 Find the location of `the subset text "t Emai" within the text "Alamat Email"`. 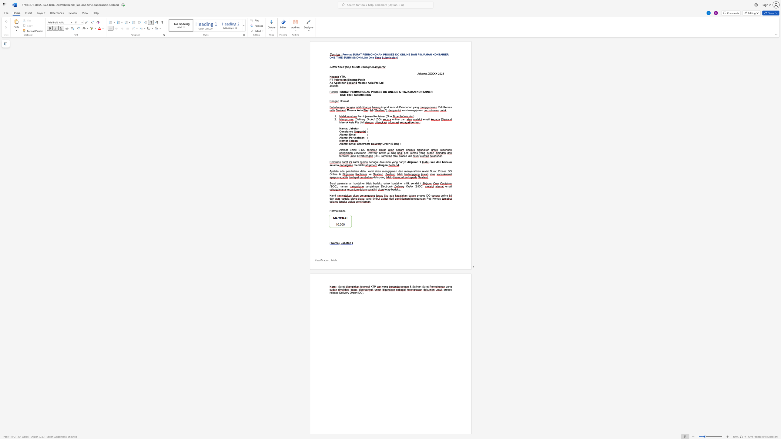

the subset text "t Emai" within the text "Alamat Email" is located at coordinates (347, 135).